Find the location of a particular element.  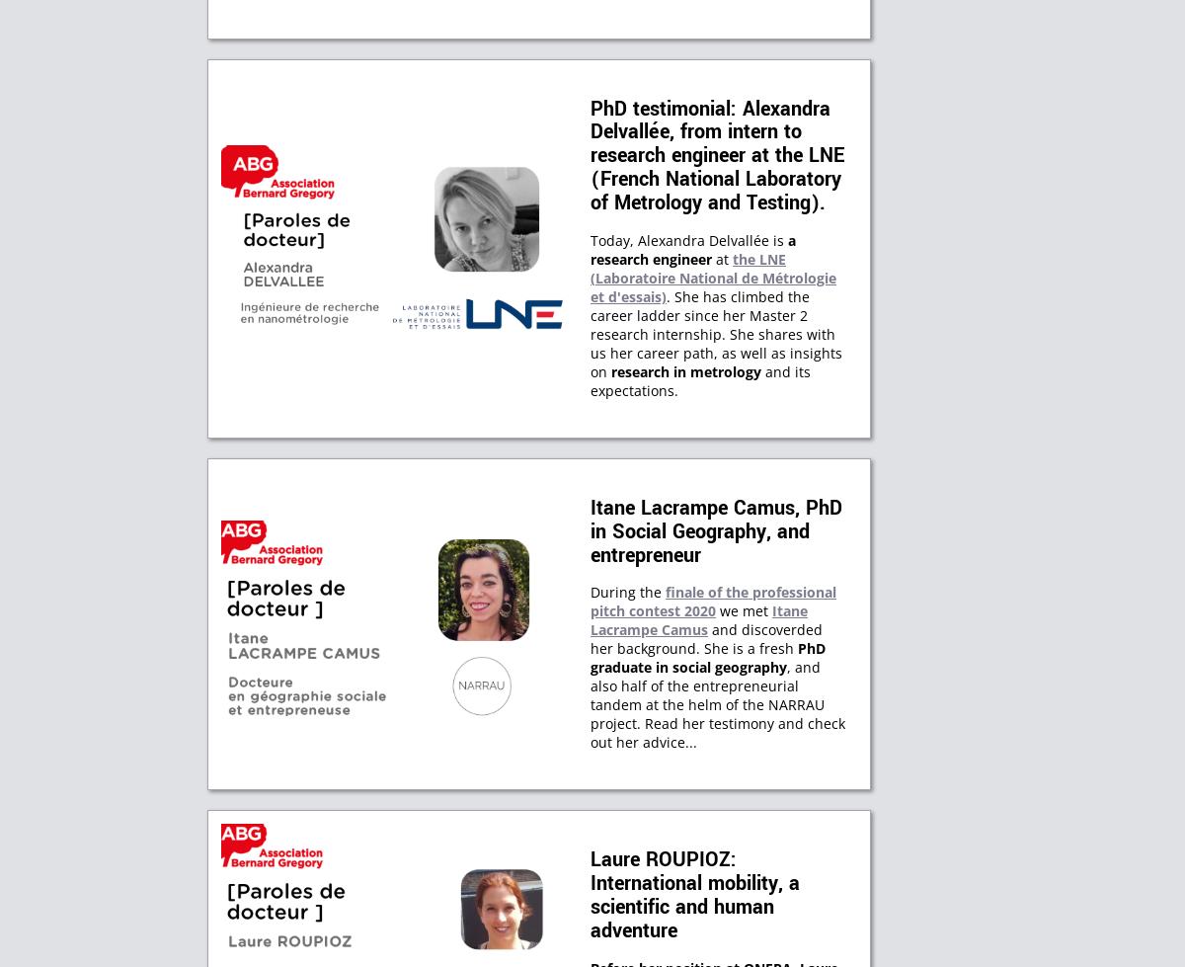

'Itane Lacrampe Camus, PhD in Social Geography, and entrepreneur' is located at coordinates (716, 529).